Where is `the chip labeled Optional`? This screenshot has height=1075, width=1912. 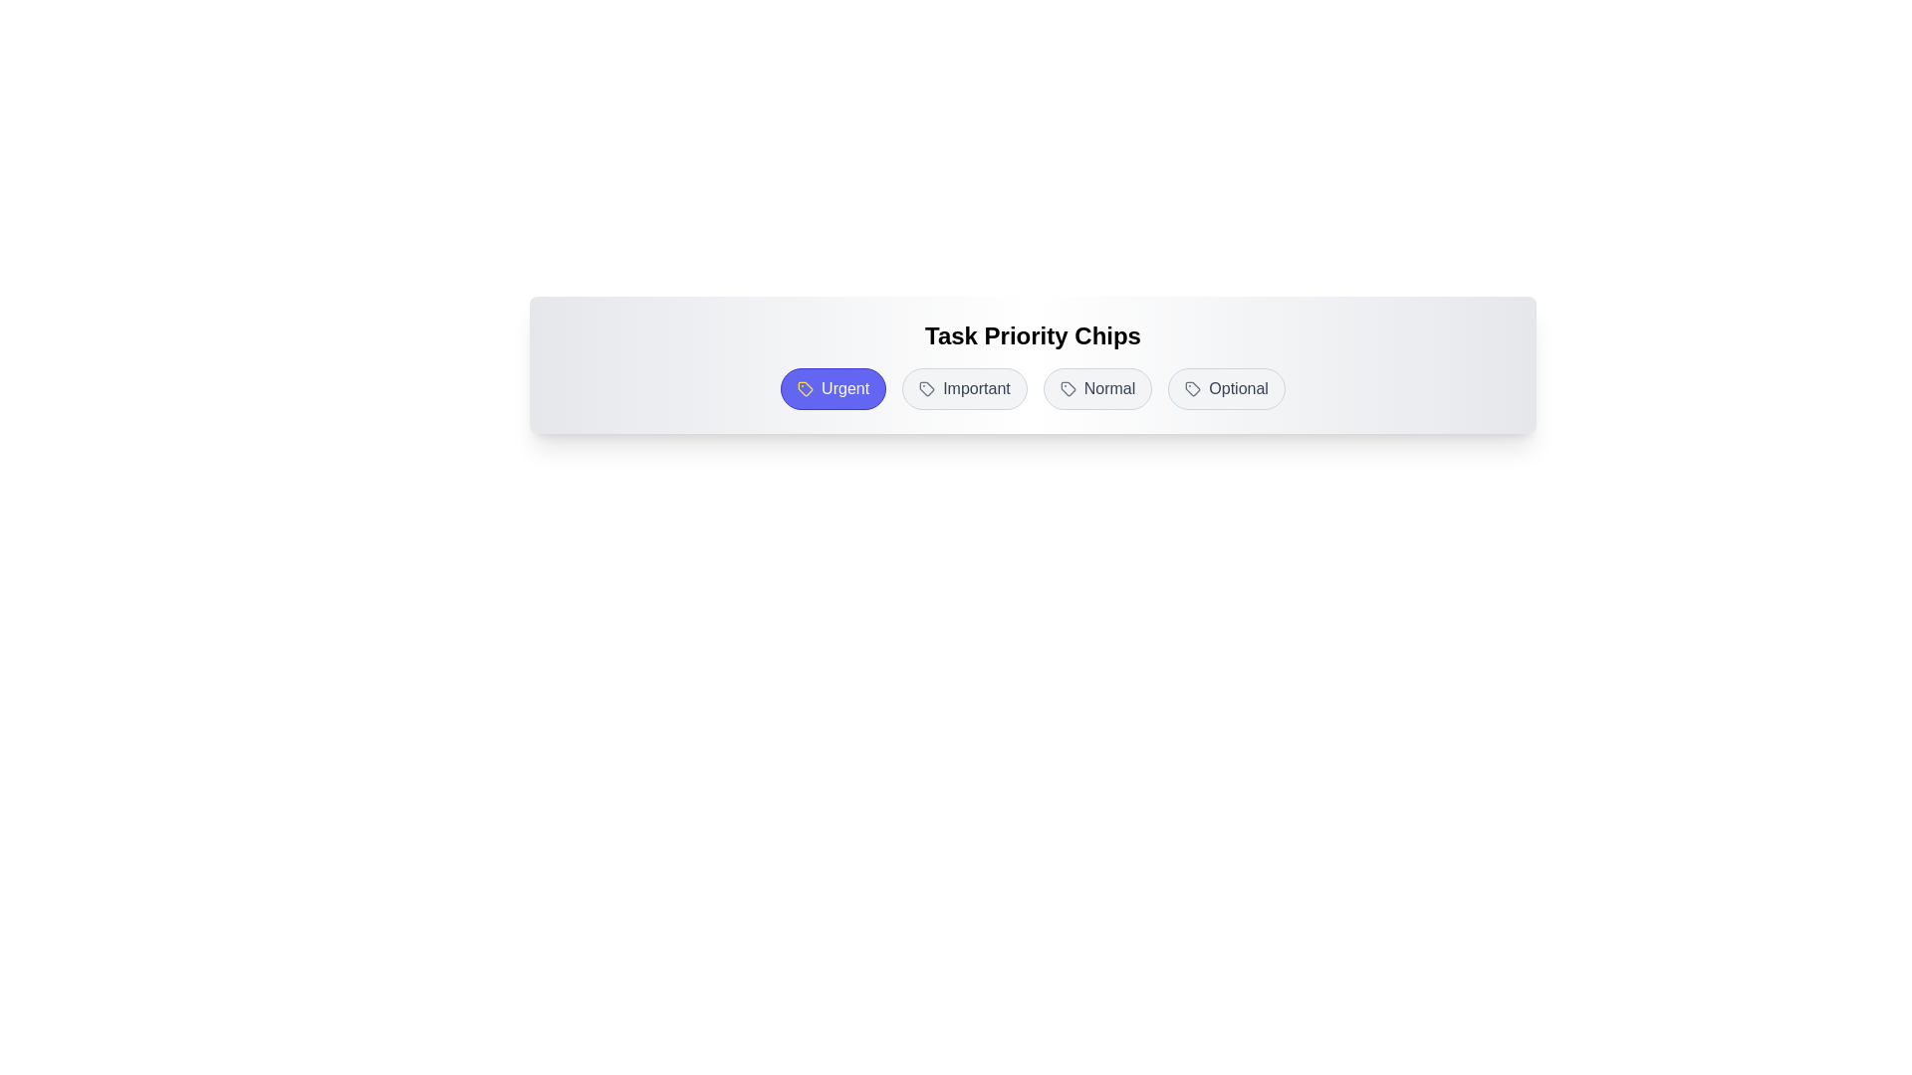 the chip labeled Optional is located at coordinates (1226, 388).